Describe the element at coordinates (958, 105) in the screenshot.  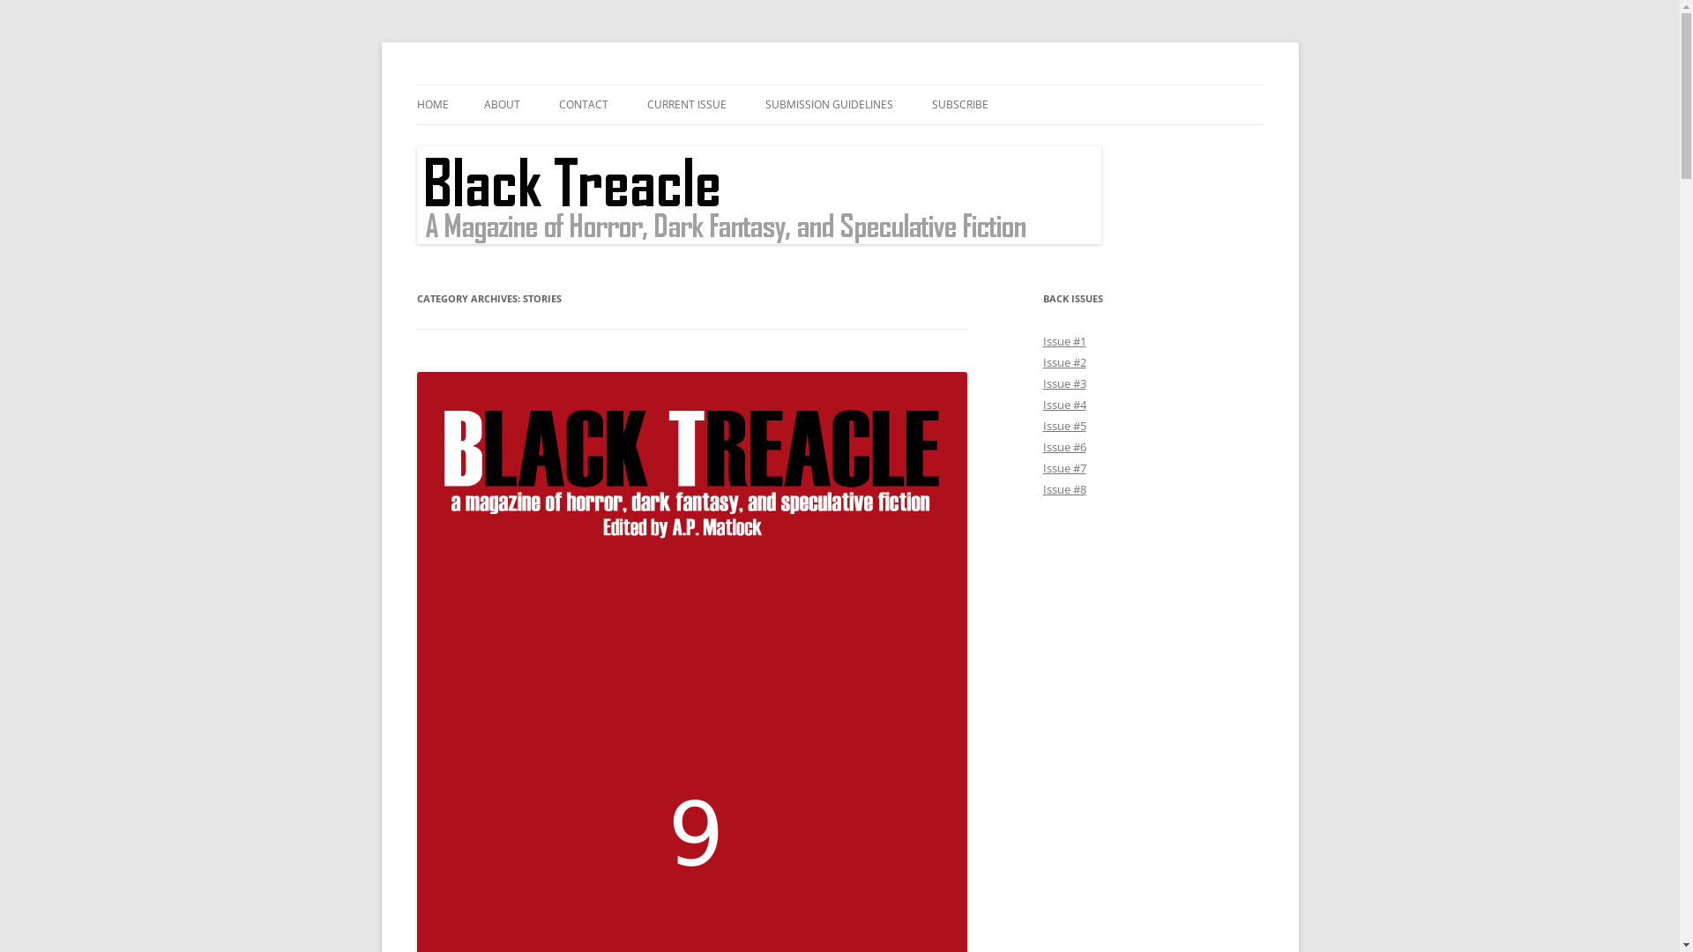
I see `'SUBSCRIBE'` at that location.